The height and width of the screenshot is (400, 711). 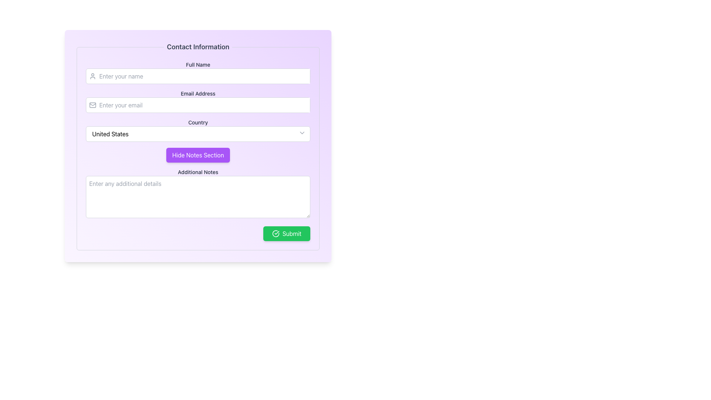 What do you see at coordinates (275, 234) in the screenshot?
I see `the circular check icon within the green 'Submit' button located at the bottom right corner of the form` at bounding box center [275, 234].